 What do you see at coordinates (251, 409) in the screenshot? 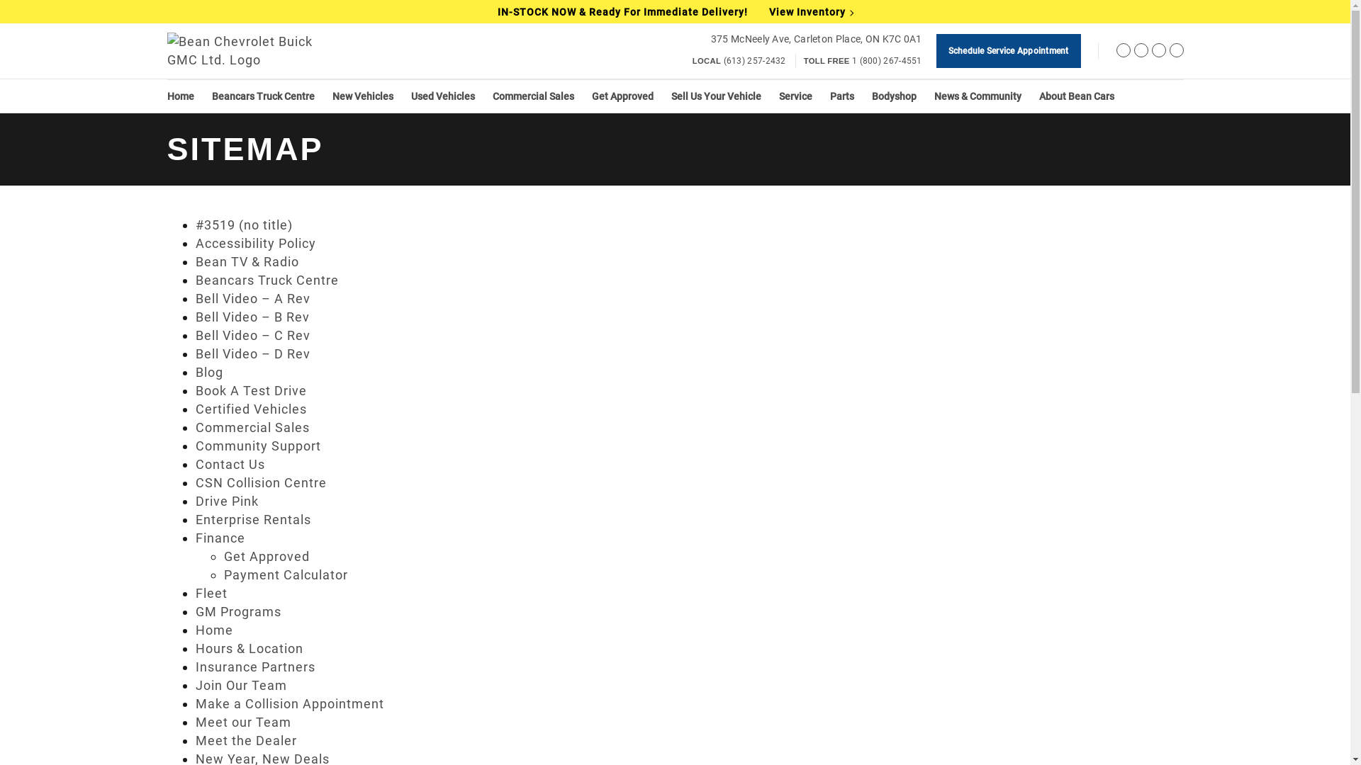
I see `'Certified Vehicles'` at bounding box center [251, 409].